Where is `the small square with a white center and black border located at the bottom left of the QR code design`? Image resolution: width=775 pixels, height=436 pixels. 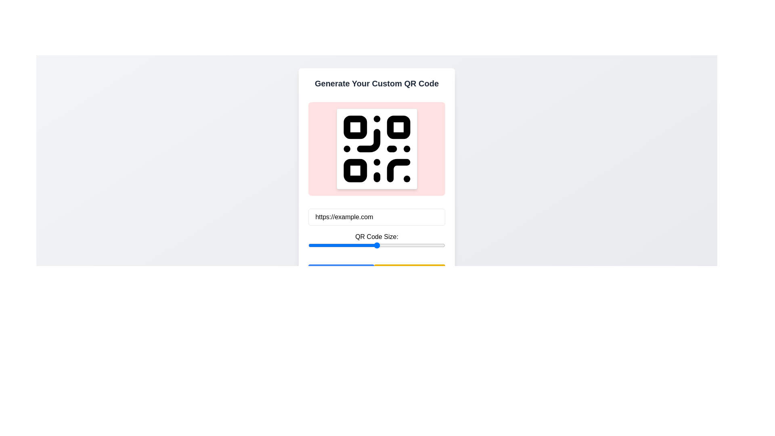 the small square with a white center and black border located at the bottom left of the QR code design is located at coordinates (355, 170).